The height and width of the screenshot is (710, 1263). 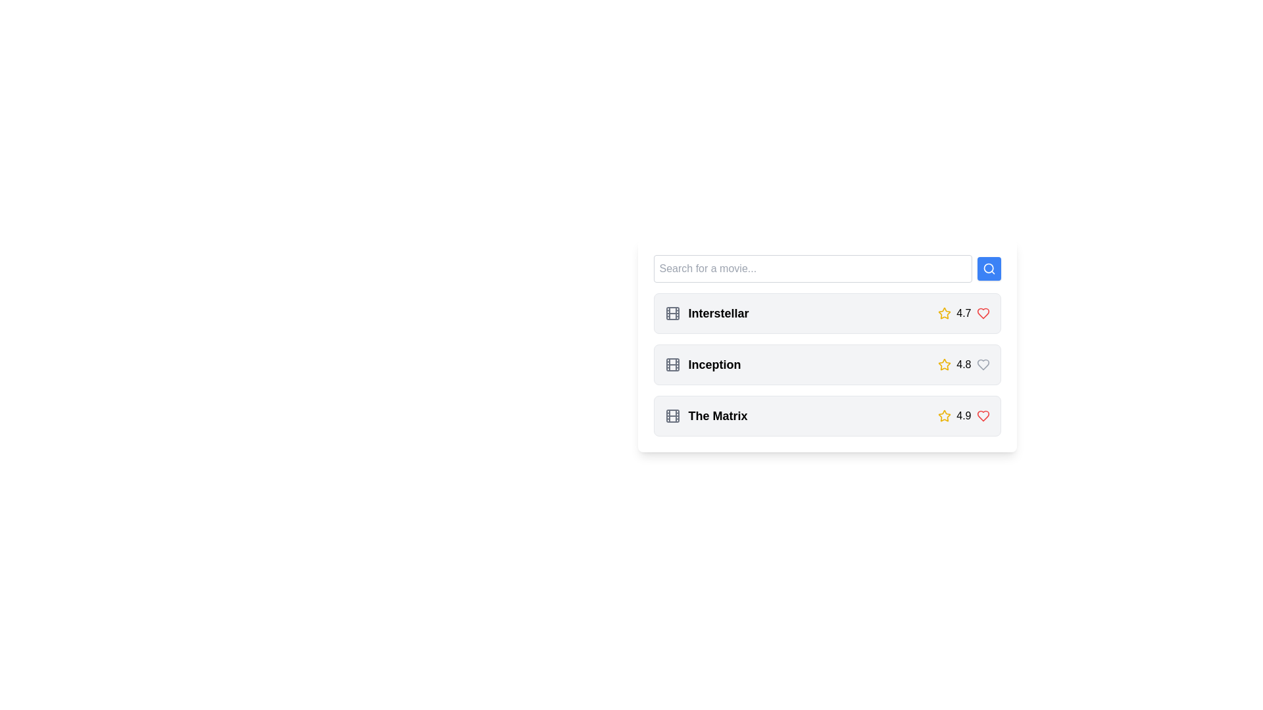 I want to click on the text and icon area labeled 'The Matrix', which features a bold font and a film icon on the left, located in the third row of a vertical layout, so click(x=705, y=415).